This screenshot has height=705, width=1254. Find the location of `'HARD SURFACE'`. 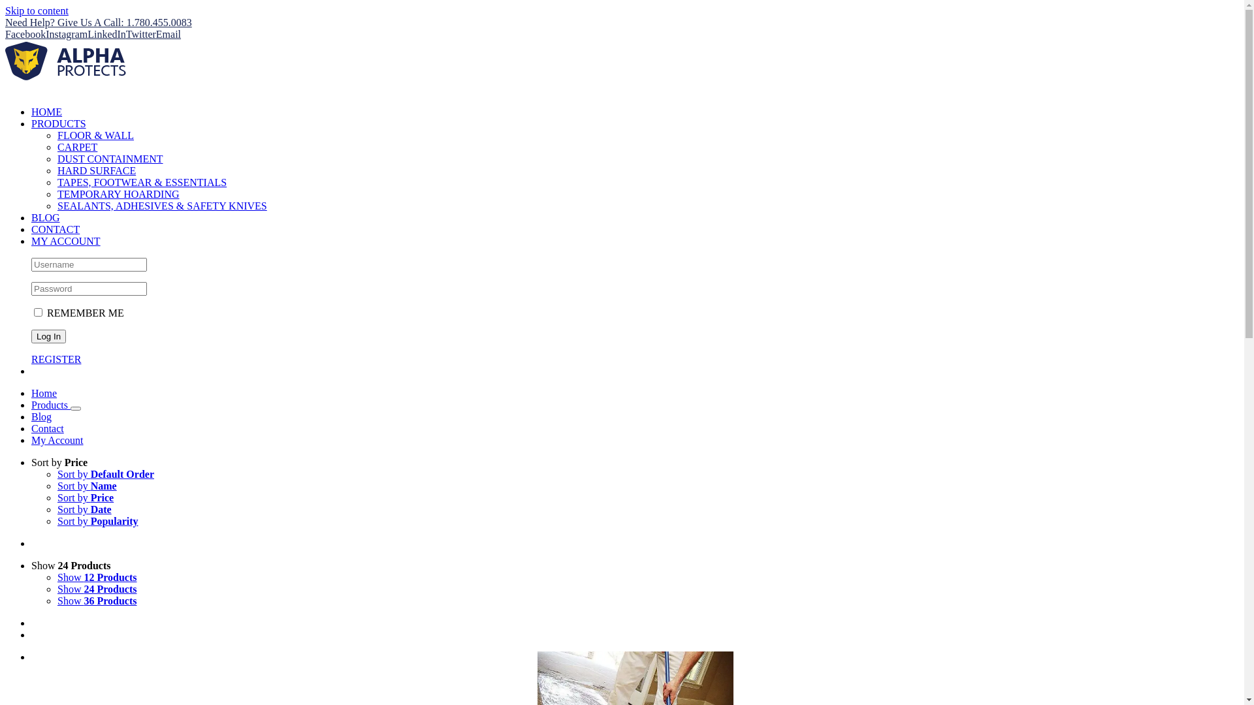

'HARD SURFACE' is located at coordinates (56, 170).